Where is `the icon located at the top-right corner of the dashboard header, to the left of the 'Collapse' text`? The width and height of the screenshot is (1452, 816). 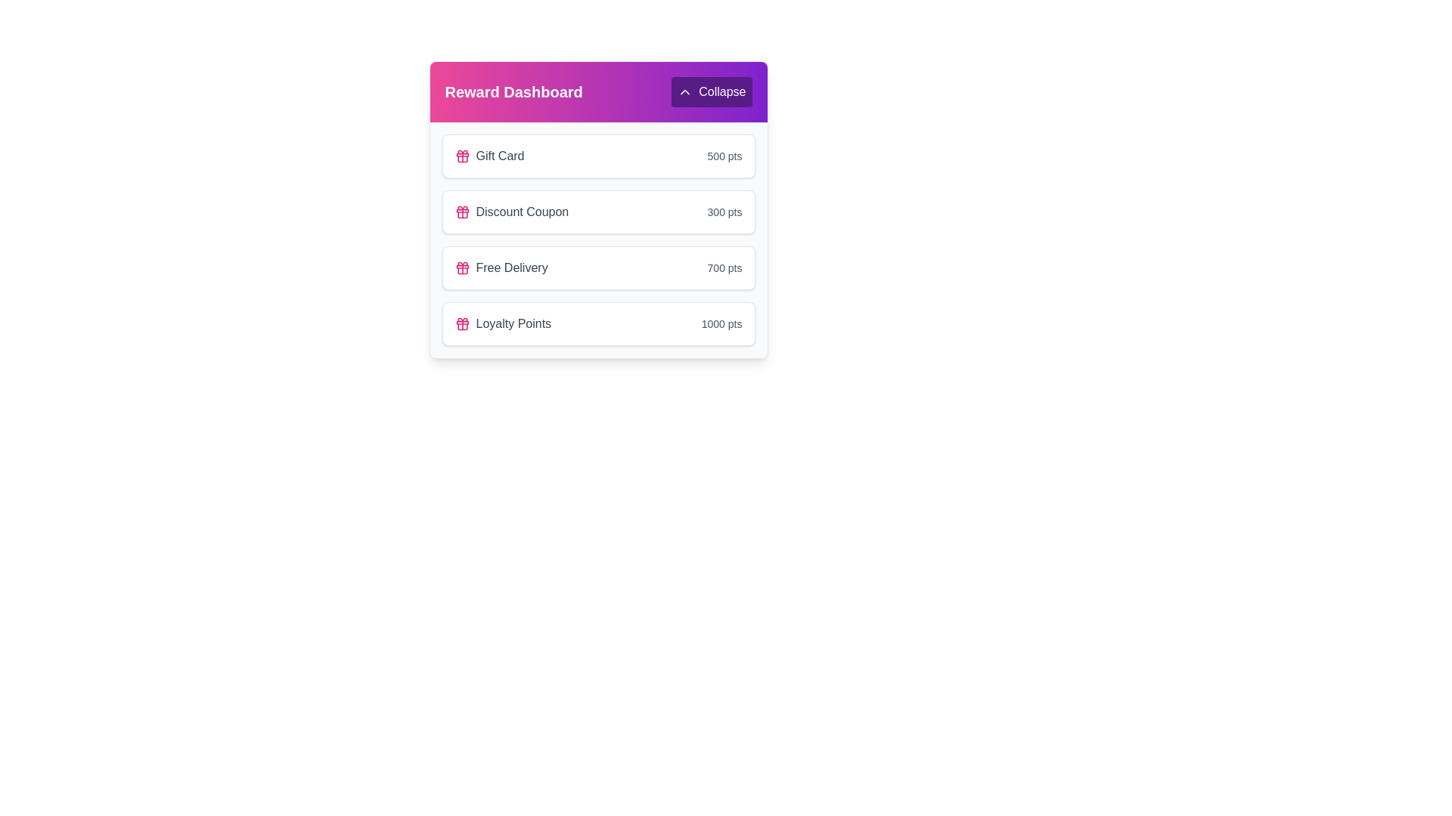 the icon located at the top-right corner of the dashboard header, to the left of the 'Collapse' text is located at coordinates (684, 92).